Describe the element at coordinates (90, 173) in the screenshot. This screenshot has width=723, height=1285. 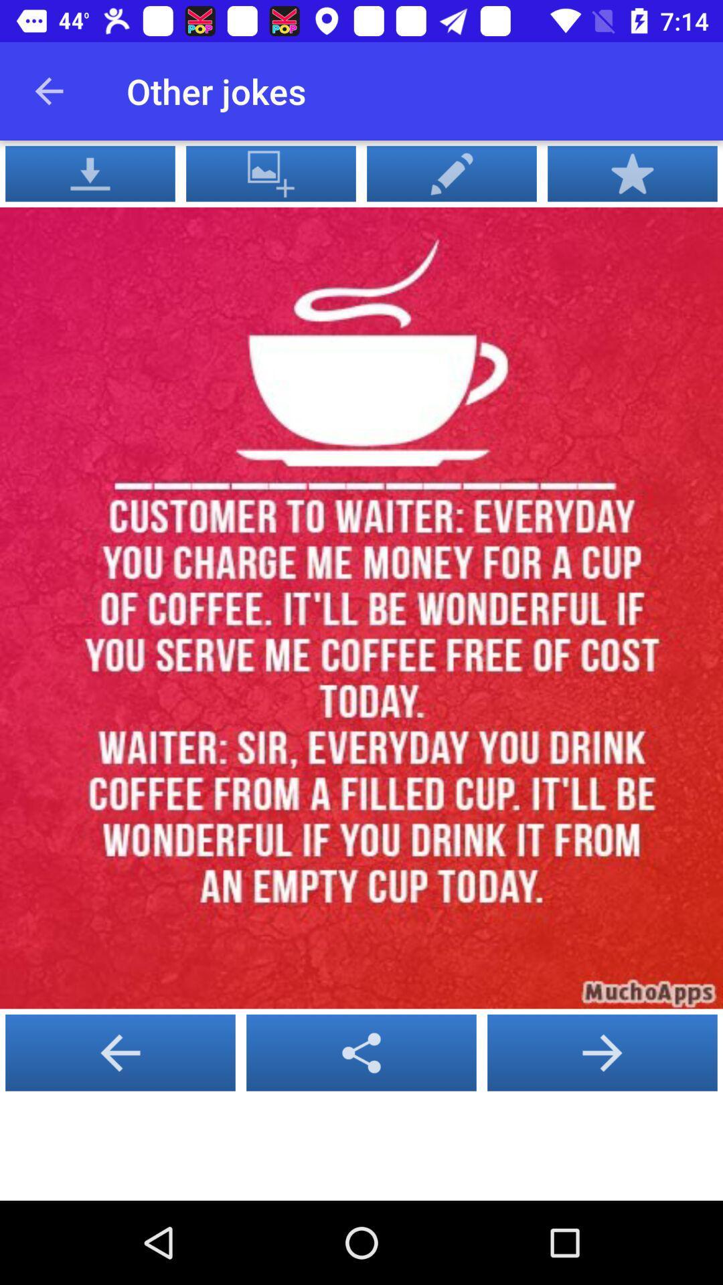
I see `the file_download icon` at that location.